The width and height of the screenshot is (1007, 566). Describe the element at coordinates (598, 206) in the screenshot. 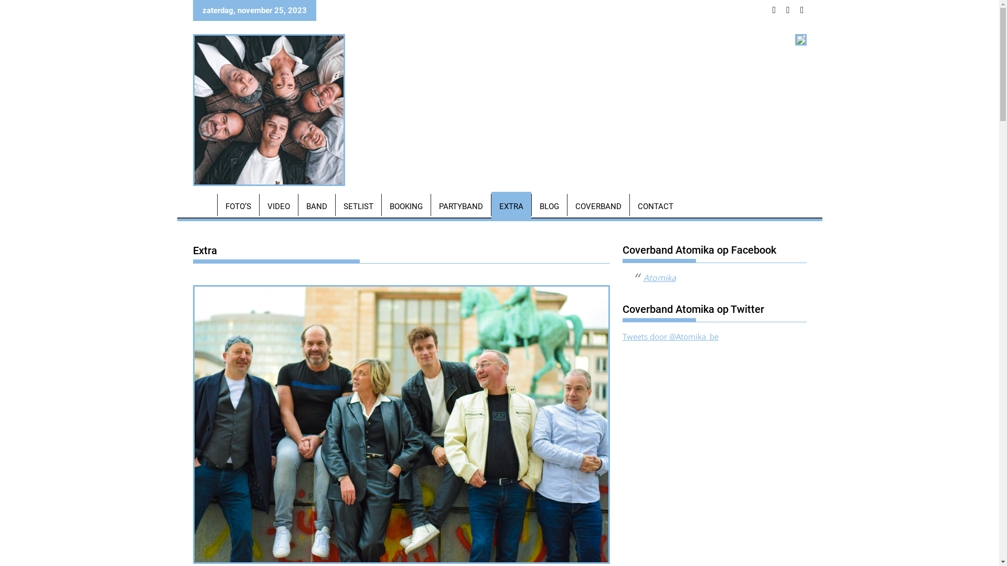

I see `'COVERBAND'` at that location.